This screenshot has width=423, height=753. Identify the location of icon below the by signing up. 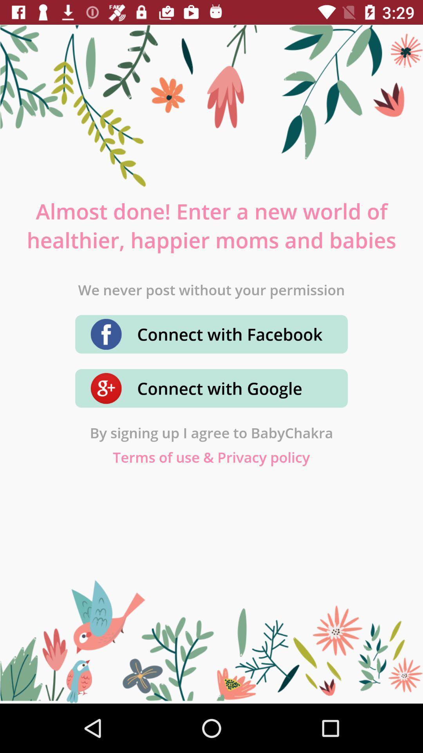
(211, 457).